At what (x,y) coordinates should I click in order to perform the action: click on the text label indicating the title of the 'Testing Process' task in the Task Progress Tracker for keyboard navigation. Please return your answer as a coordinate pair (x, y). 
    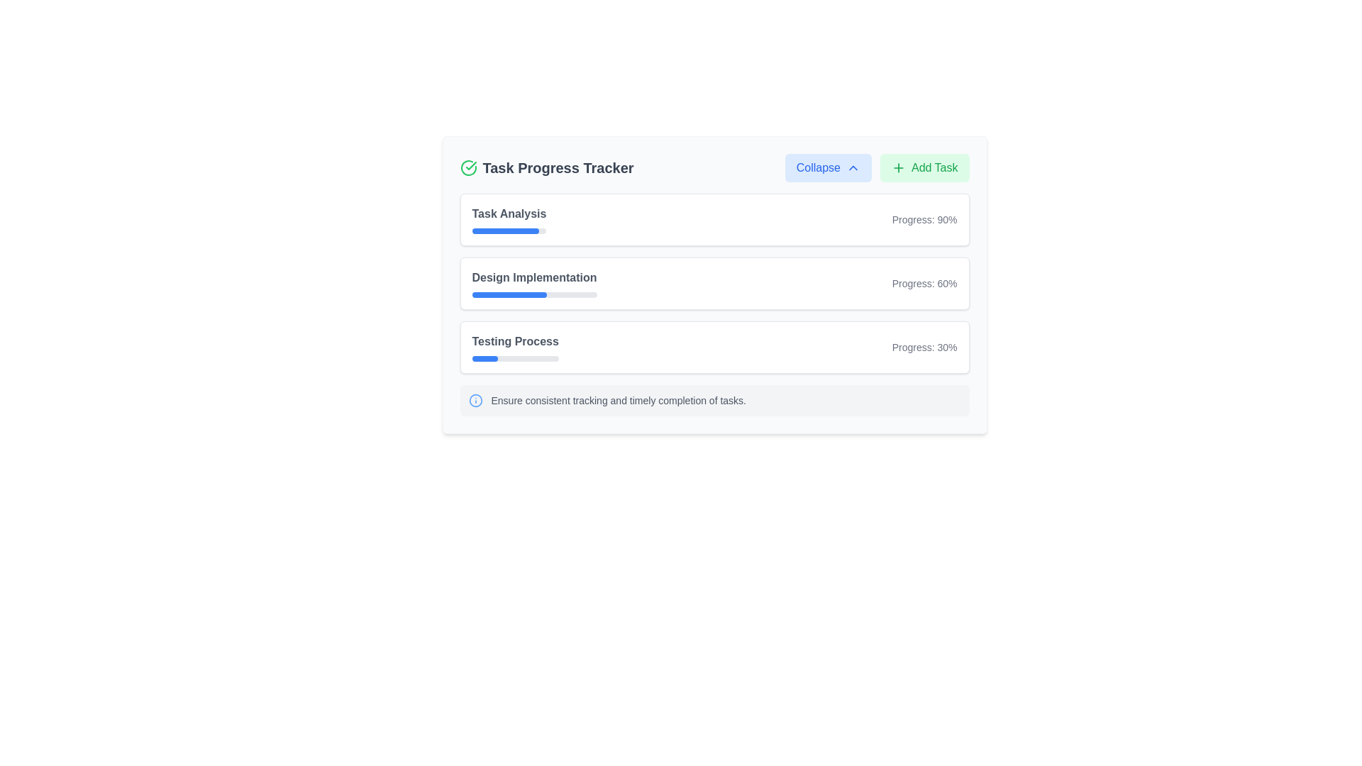
    Looking at the image, I should click on (514, 347).